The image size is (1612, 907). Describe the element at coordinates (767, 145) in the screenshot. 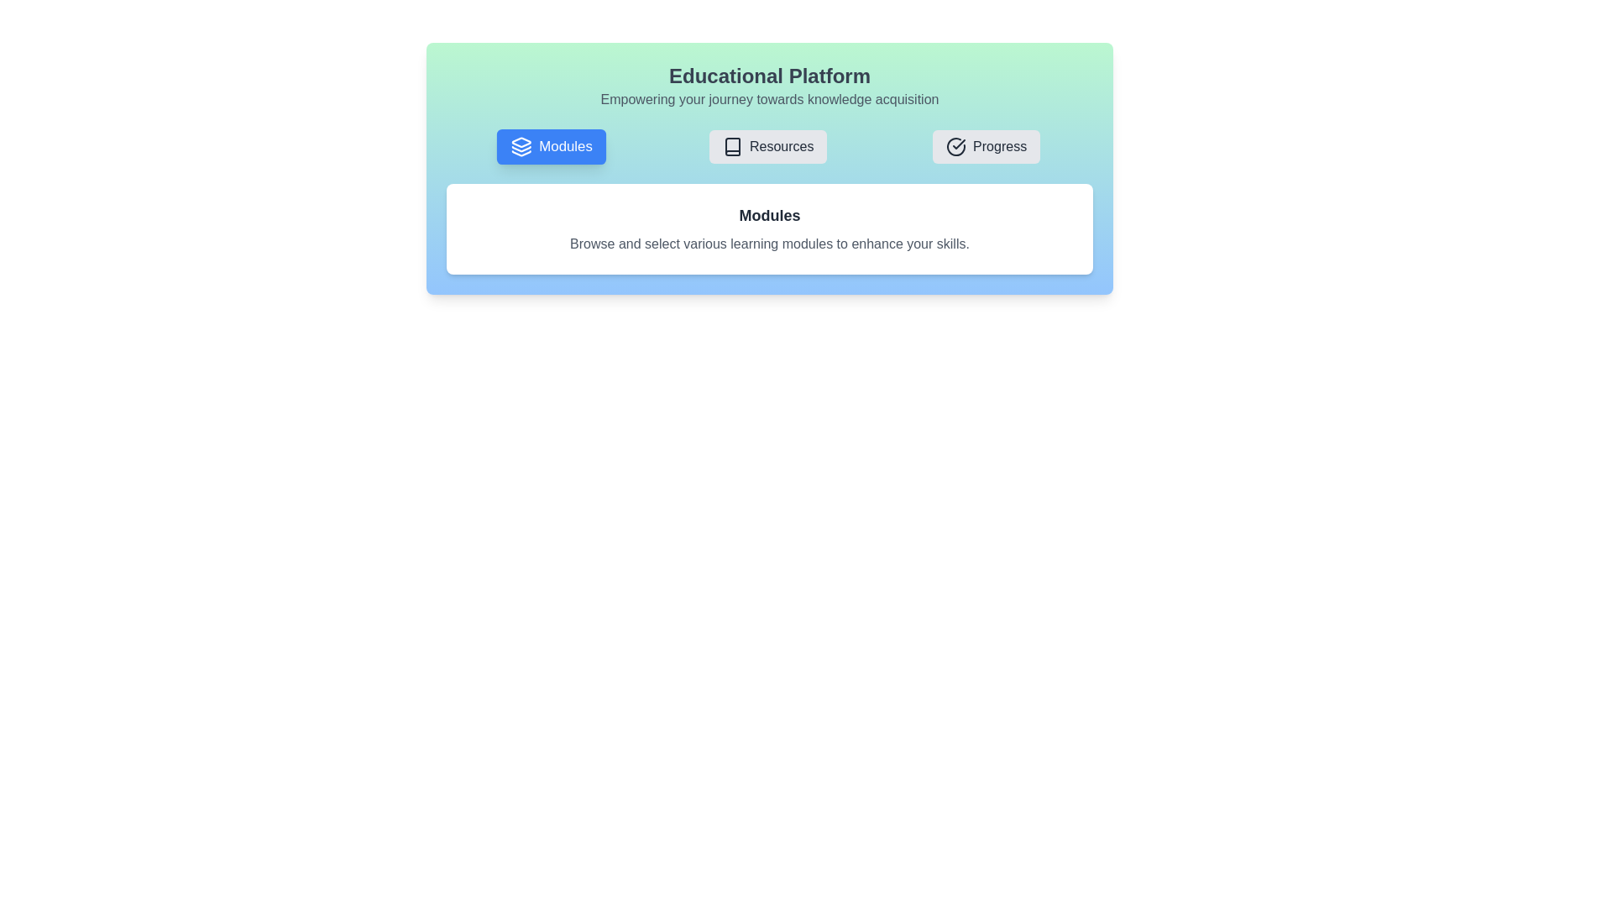

I see `the tab button labeled Resources` at that location.